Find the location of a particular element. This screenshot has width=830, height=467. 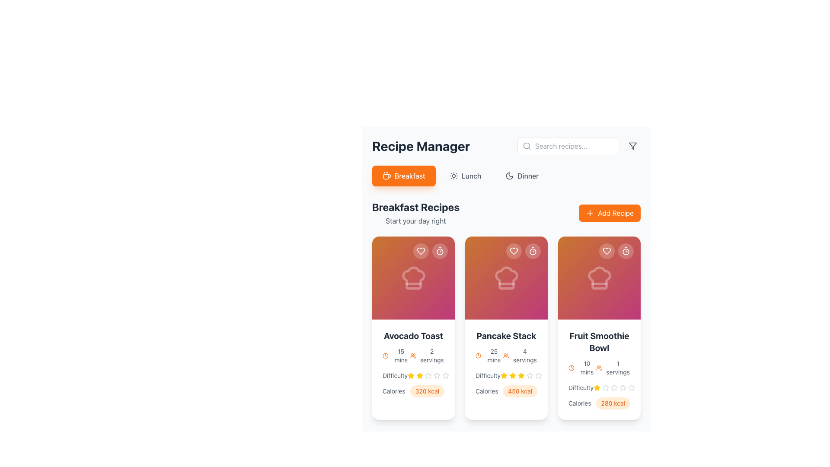

the text label displaying '1 servings', which is styled in gray and provides information about servings for a recipe, located to the right of a user figures icon is located at coordinates (617, 368).